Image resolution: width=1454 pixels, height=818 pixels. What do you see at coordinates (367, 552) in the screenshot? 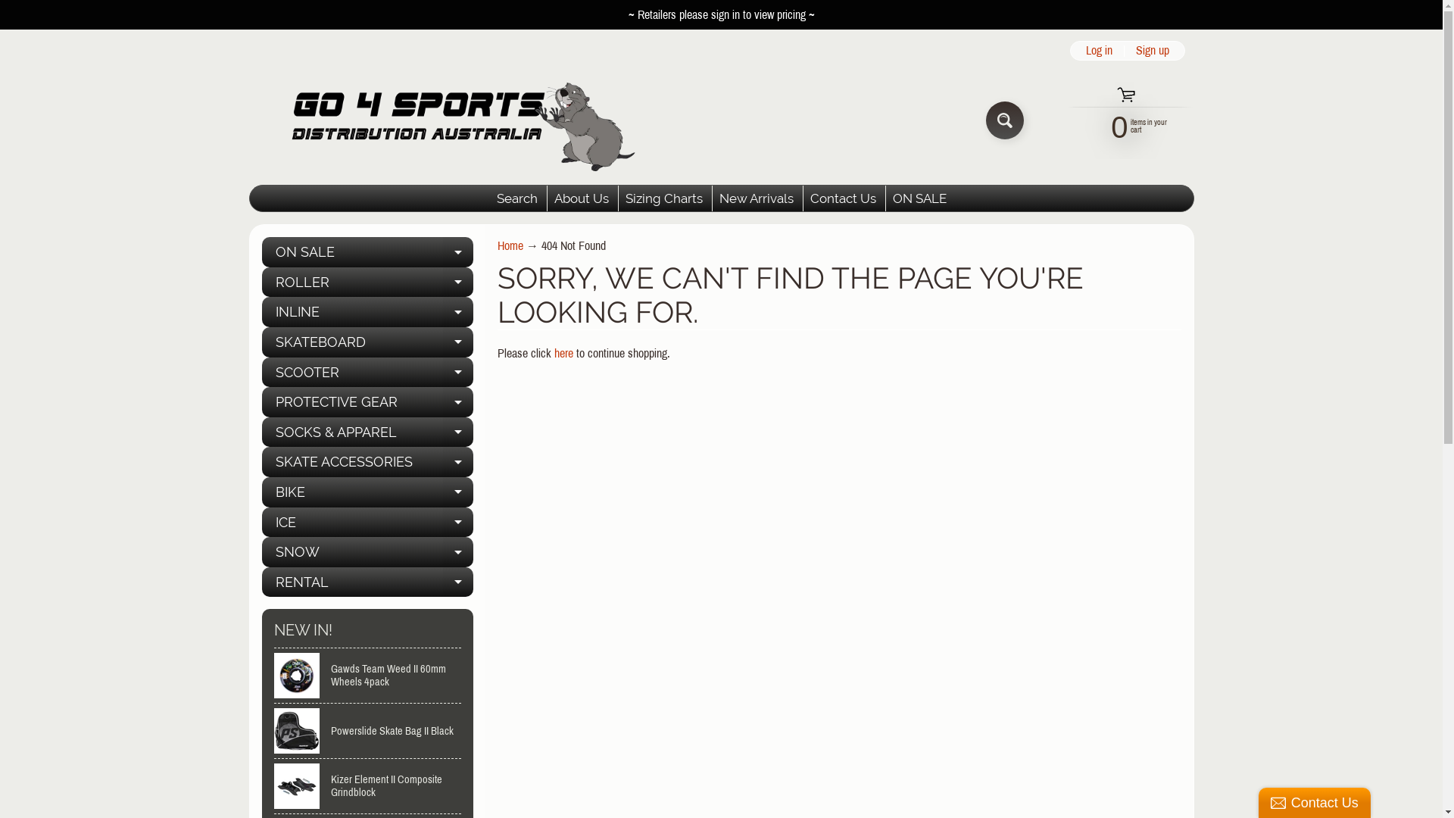
I see `'SNOW` at bounding box center [367, 552].